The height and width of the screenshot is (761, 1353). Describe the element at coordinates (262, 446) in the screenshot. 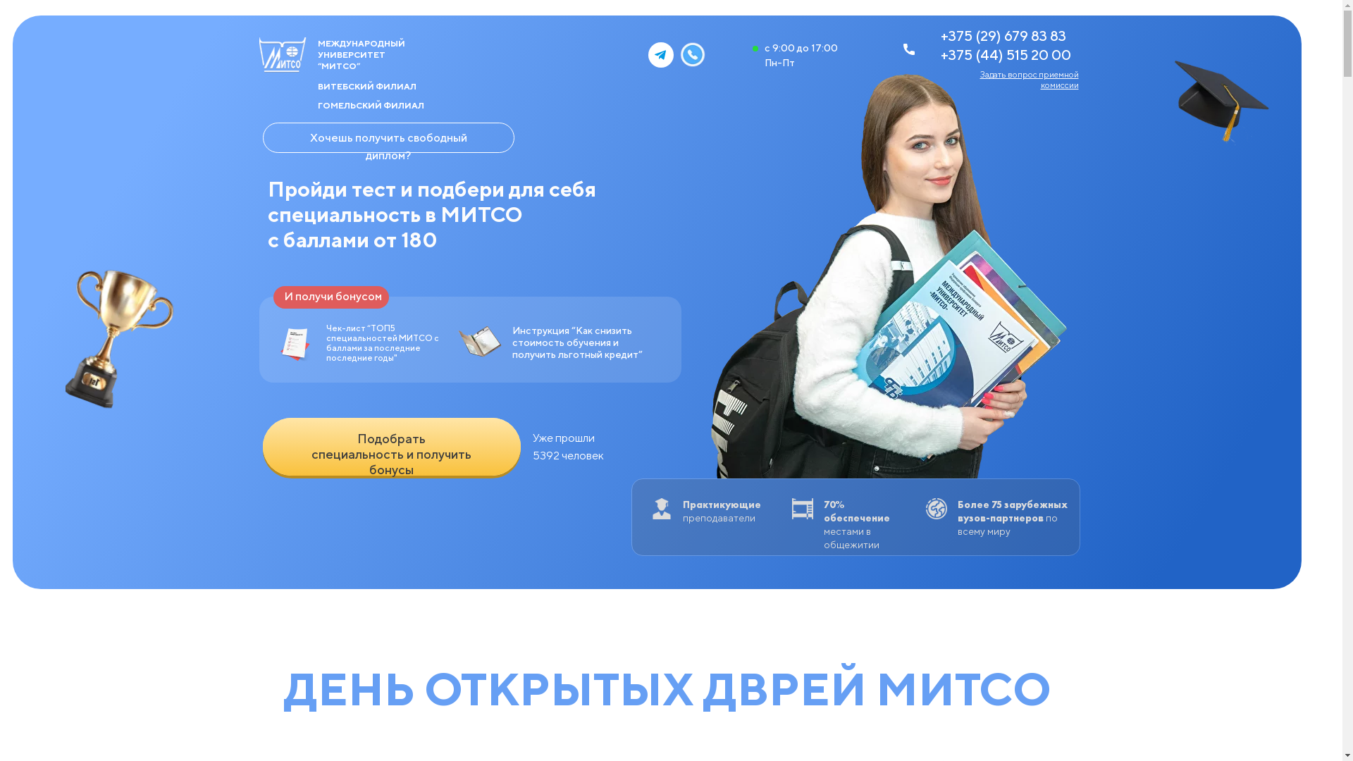

I see `'LET'S GO!'` at that location.